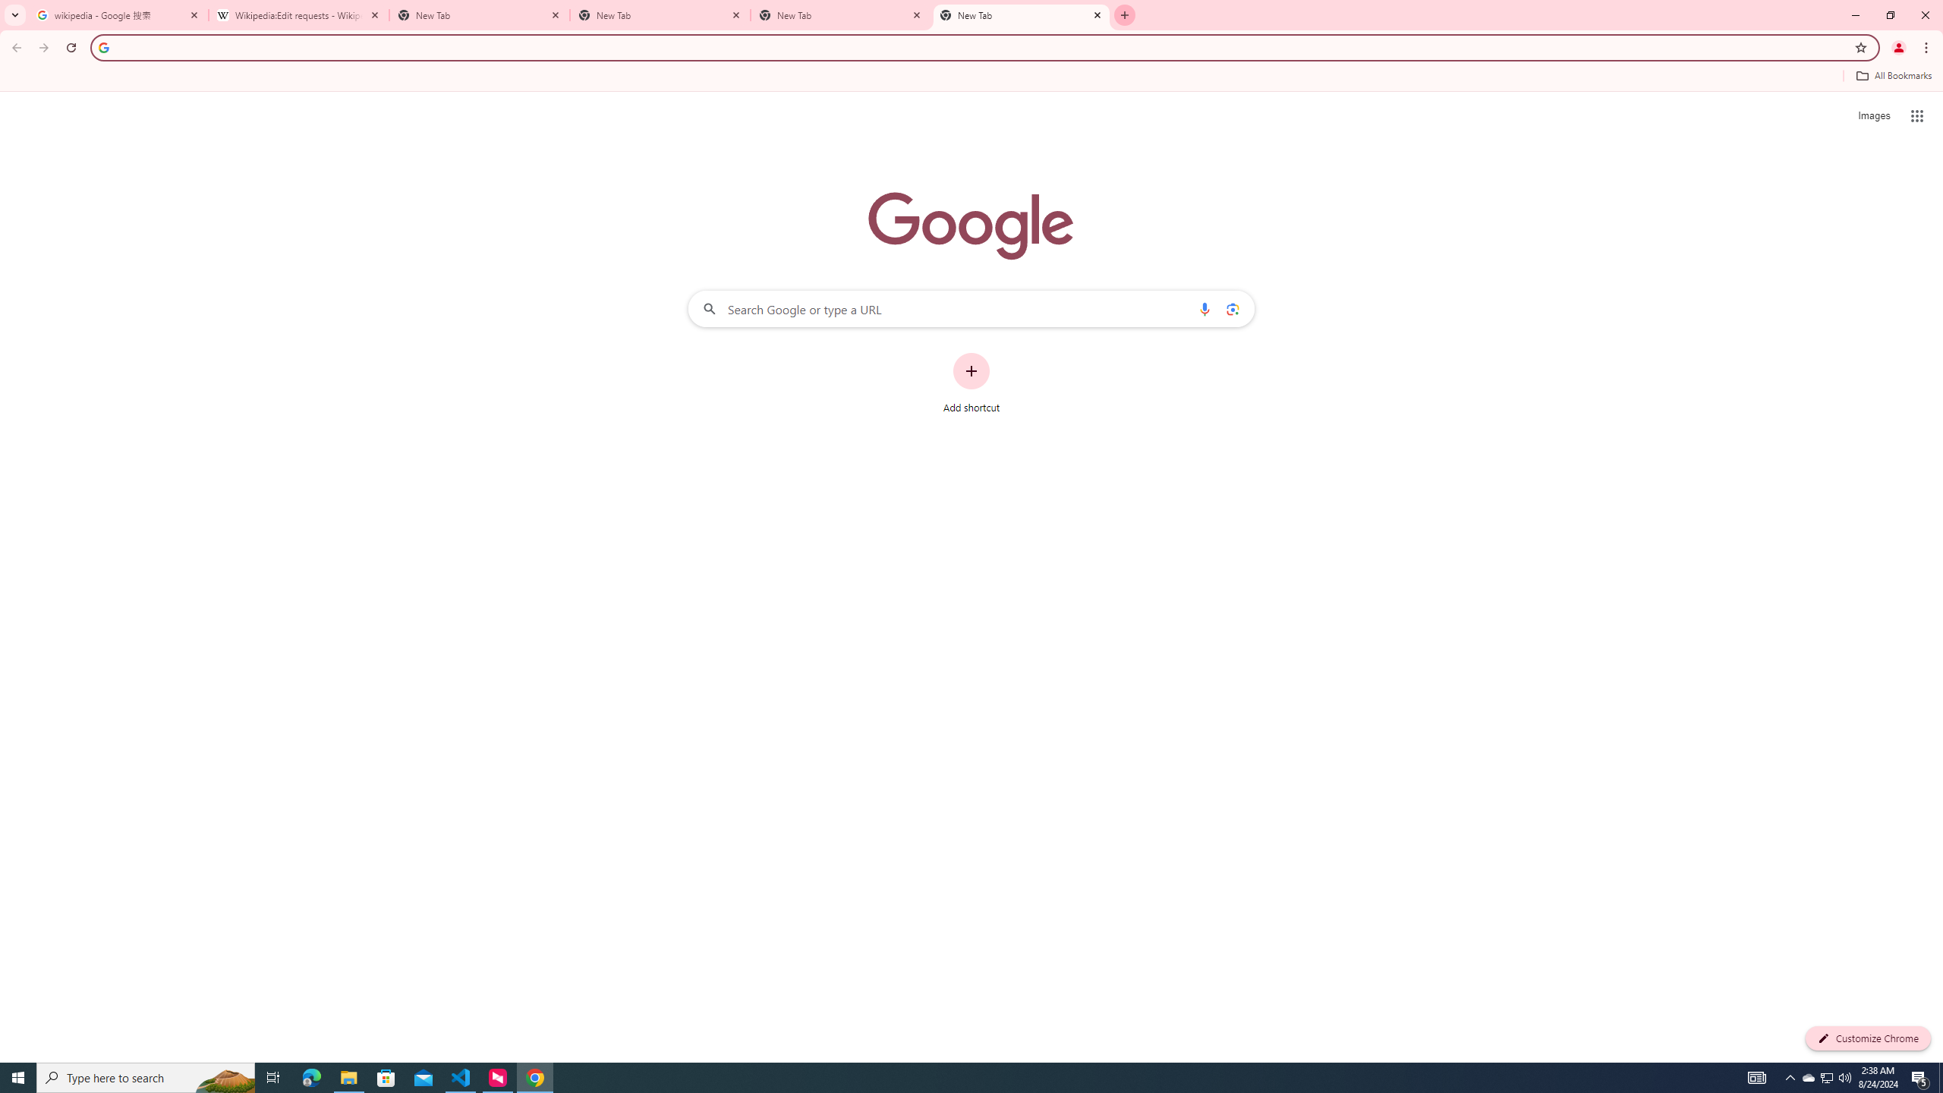 This screenshot has width=1943, height=1093. Describe the element at coordinates (14, 47) in the screenshot. I see `'Back'` at that location.